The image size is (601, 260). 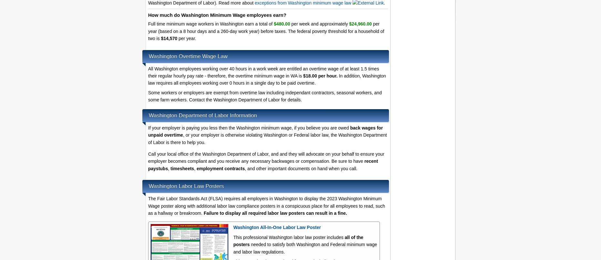 I want to click on 'per week and approximately', so click(x=319, y=23).